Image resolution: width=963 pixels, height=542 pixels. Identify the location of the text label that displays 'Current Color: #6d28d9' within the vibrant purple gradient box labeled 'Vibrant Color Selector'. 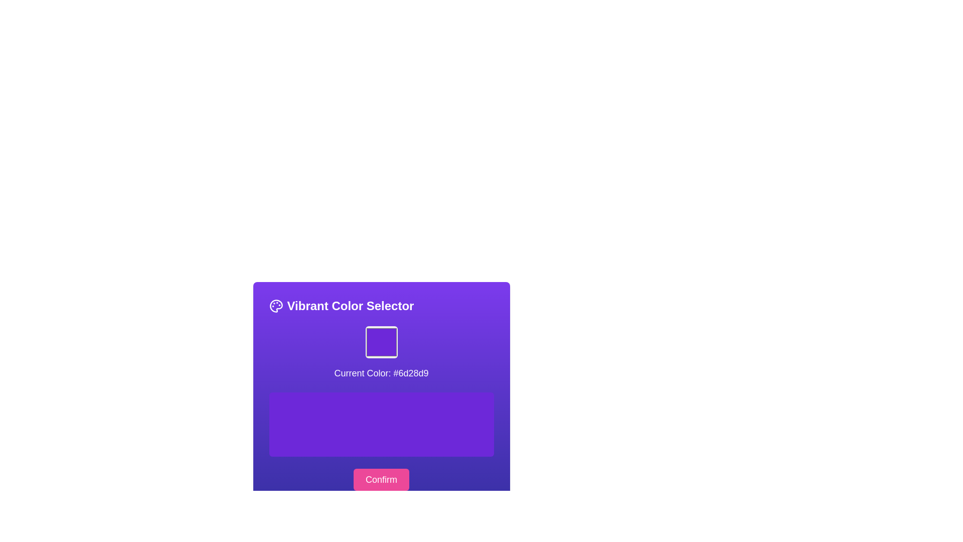
(381, 380).